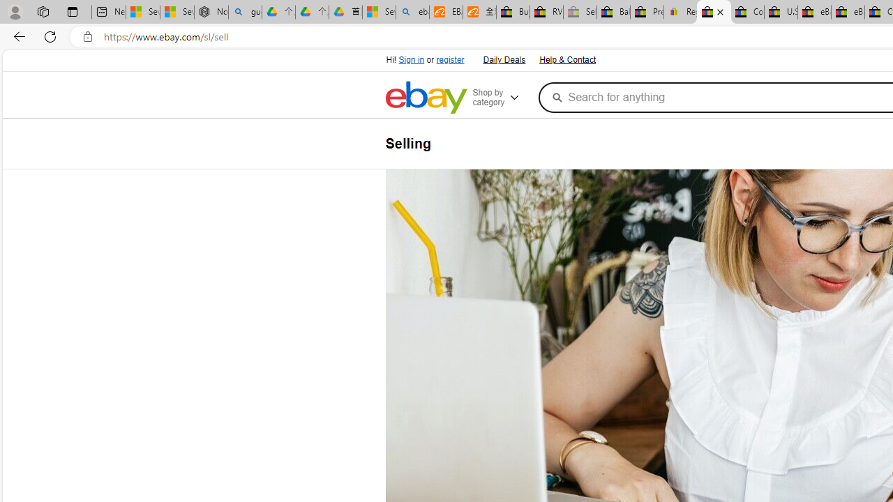 This screenshot has width=893, height=502. Describe the element at coordinates (746, 12) in the screenshot. I see `'Consumer Health Data Privacy Policy - eBay Inc.'` at that location.